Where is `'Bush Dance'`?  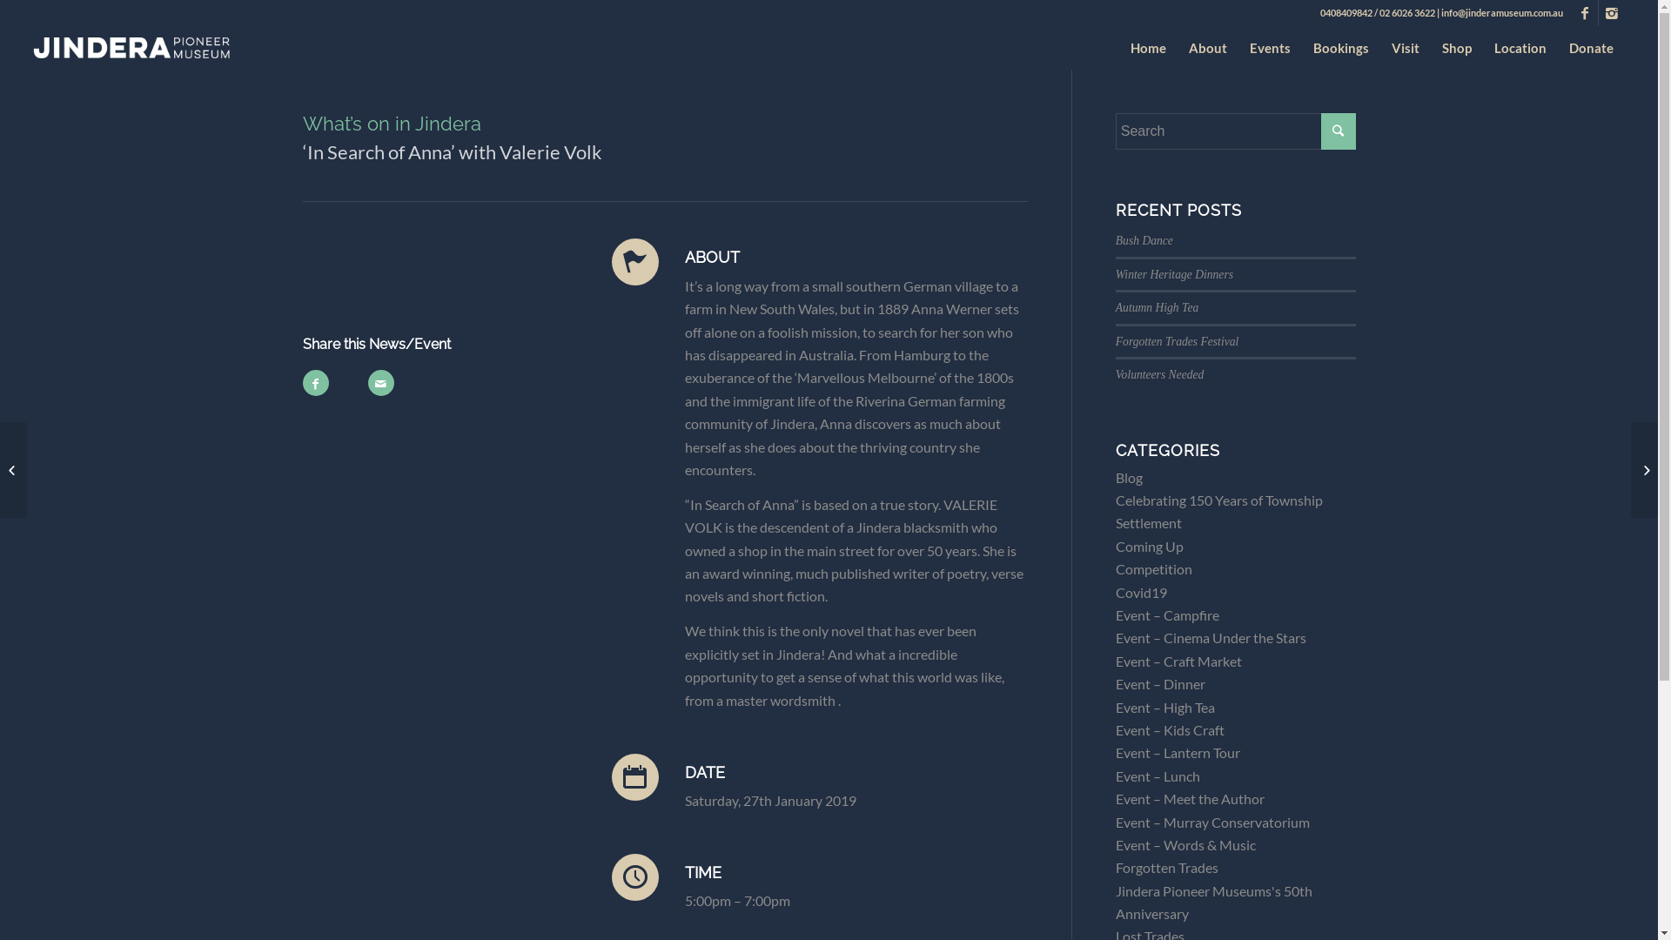 'Bush Dance' is located at coordinates (1144, 240).